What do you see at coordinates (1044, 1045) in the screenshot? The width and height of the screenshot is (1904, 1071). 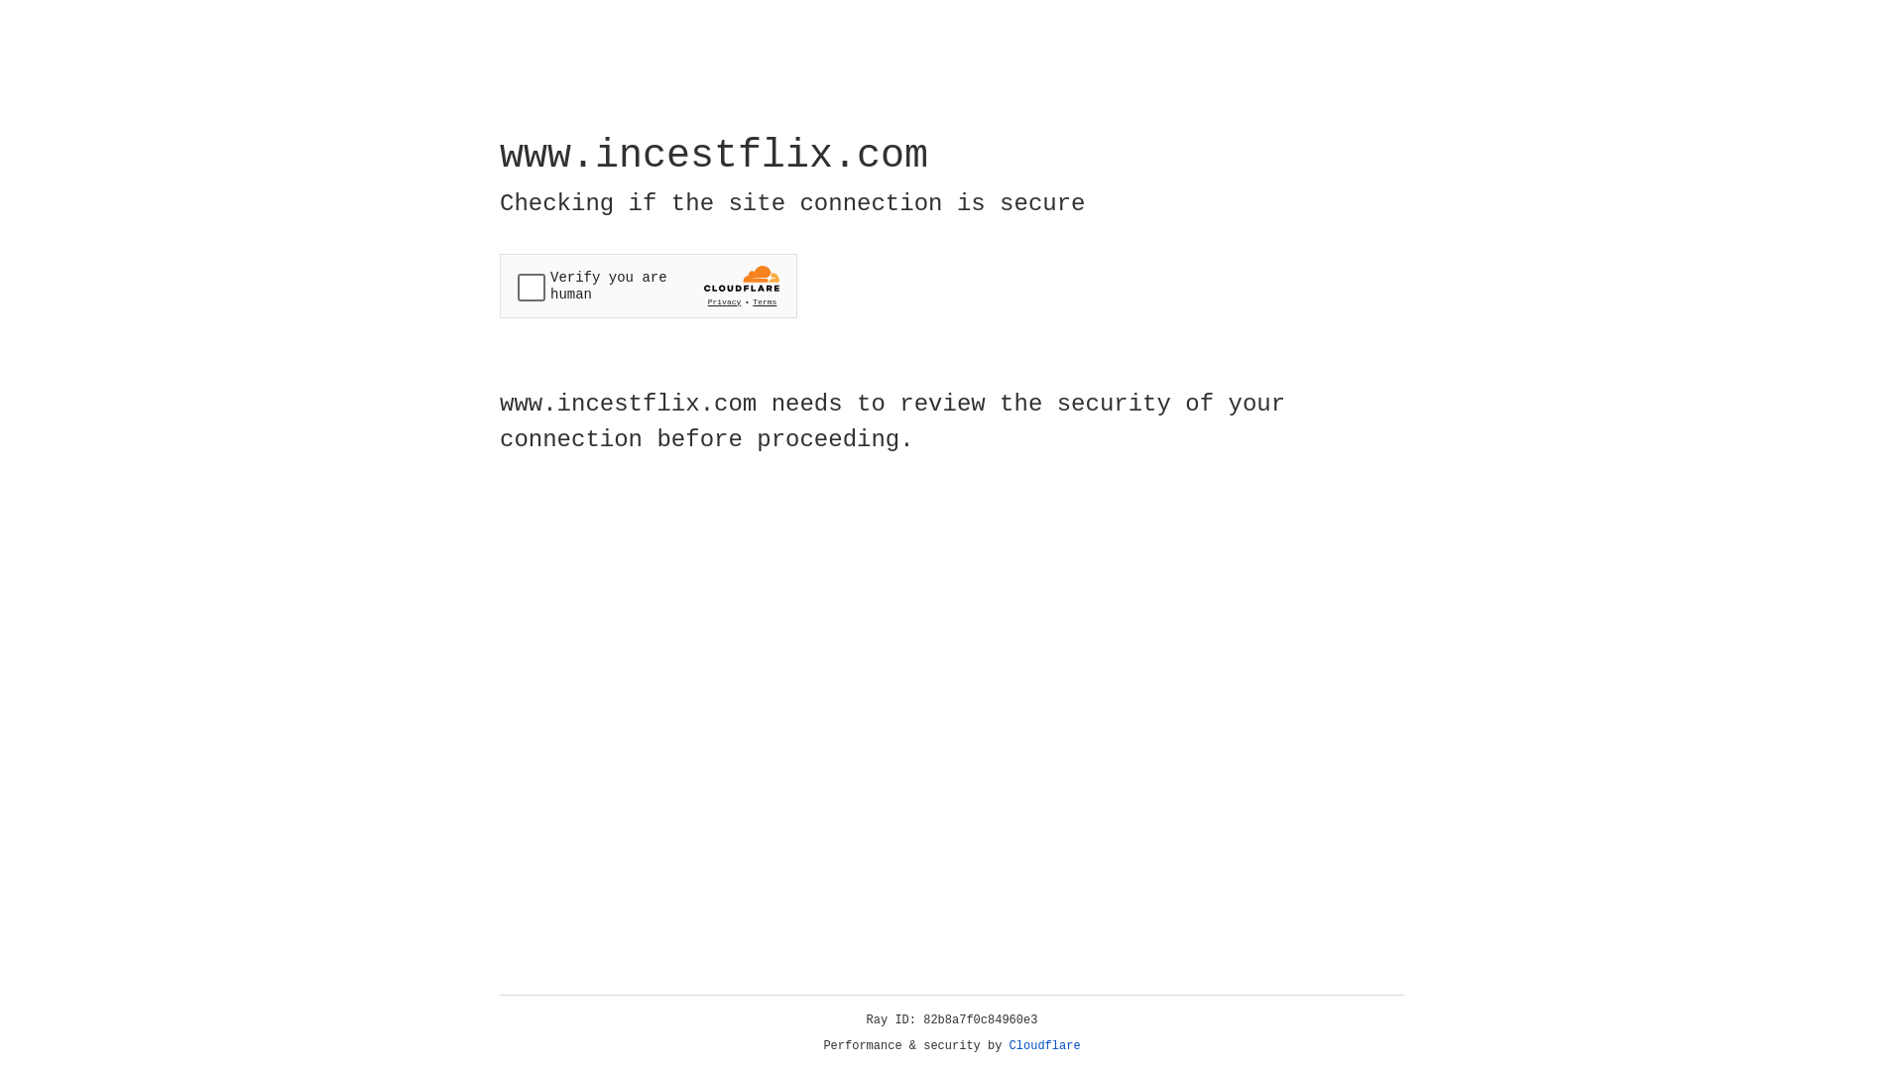 I see `'Cloudflare'` at bounding box center [1044, 1045].